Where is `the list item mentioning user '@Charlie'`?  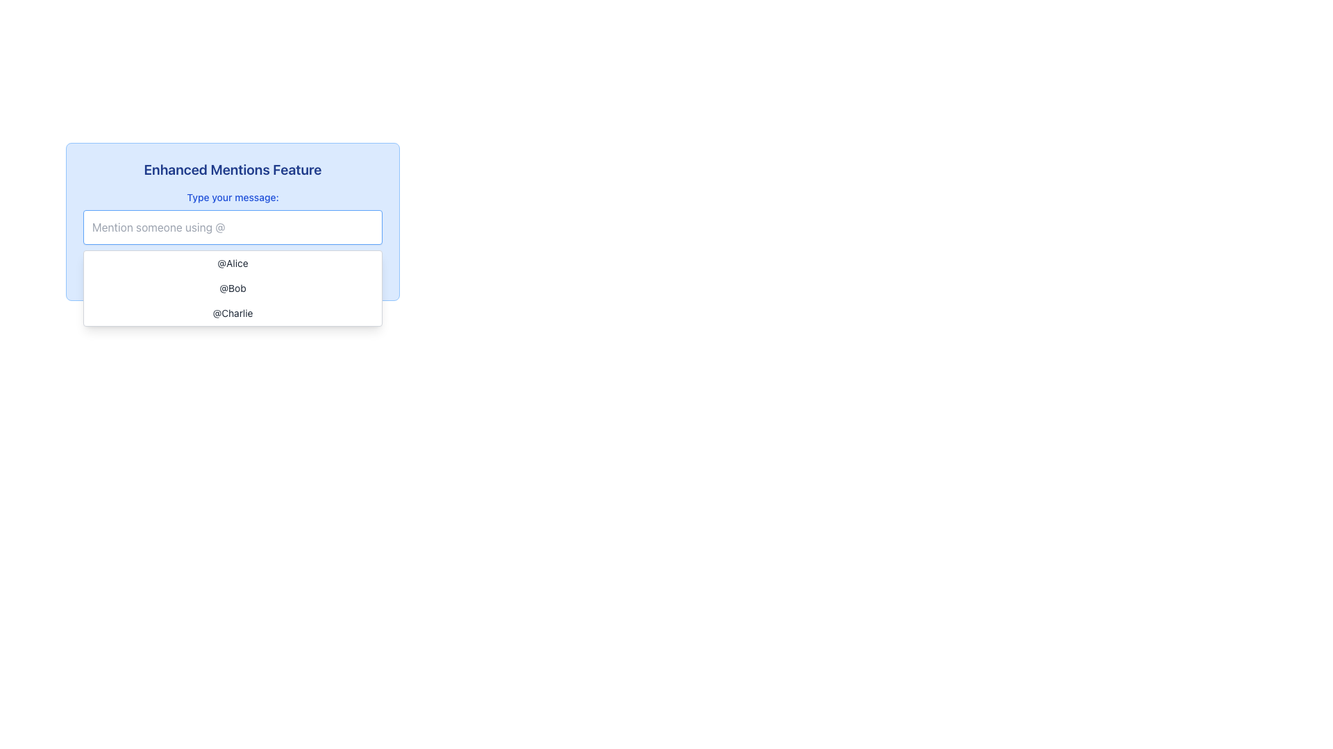 the list item mentioning user '@Charlie' is located at coordinates (233, 313).